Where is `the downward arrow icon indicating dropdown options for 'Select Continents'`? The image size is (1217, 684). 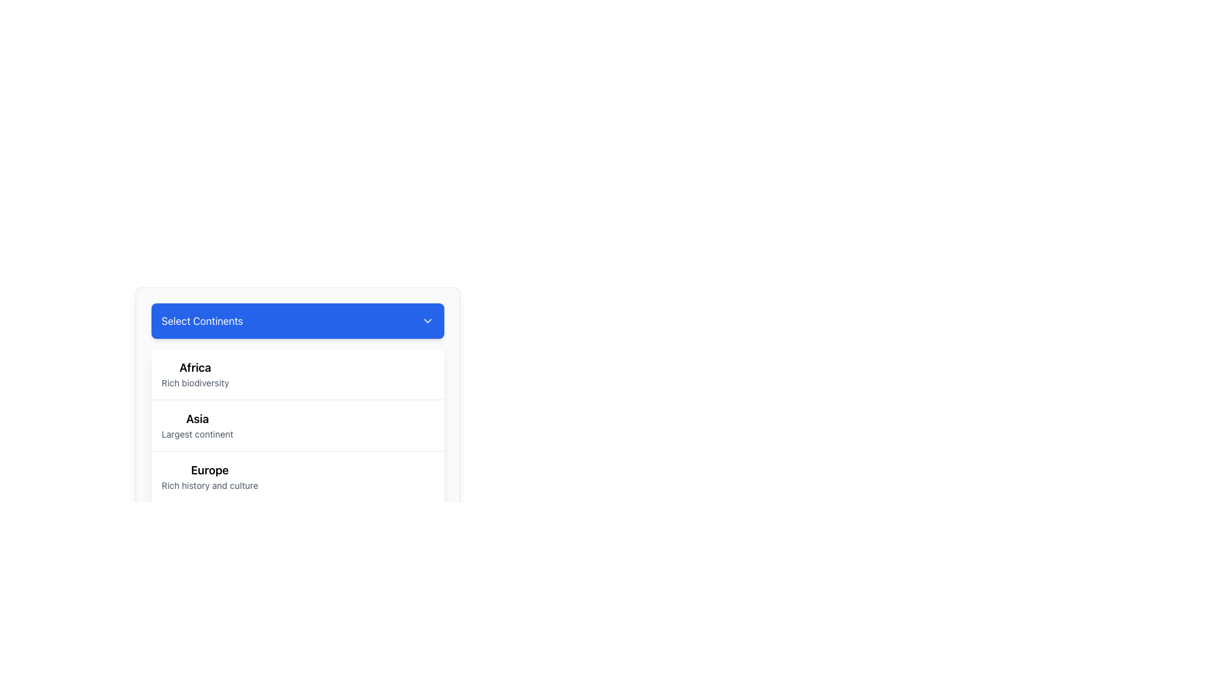 the downward arrow icon indicating dropdown options for 'Select Continents' is located at coordinates (428, 320).